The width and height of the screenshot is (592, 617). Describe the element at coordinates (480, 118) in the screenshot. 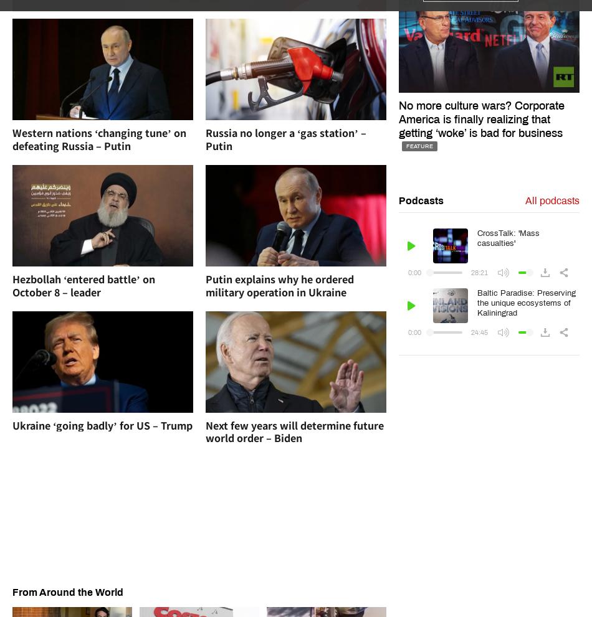

I see `'No more culture wars? Corporate America is finally realizing that getting ‘woke’ is bad for business'` at that location.